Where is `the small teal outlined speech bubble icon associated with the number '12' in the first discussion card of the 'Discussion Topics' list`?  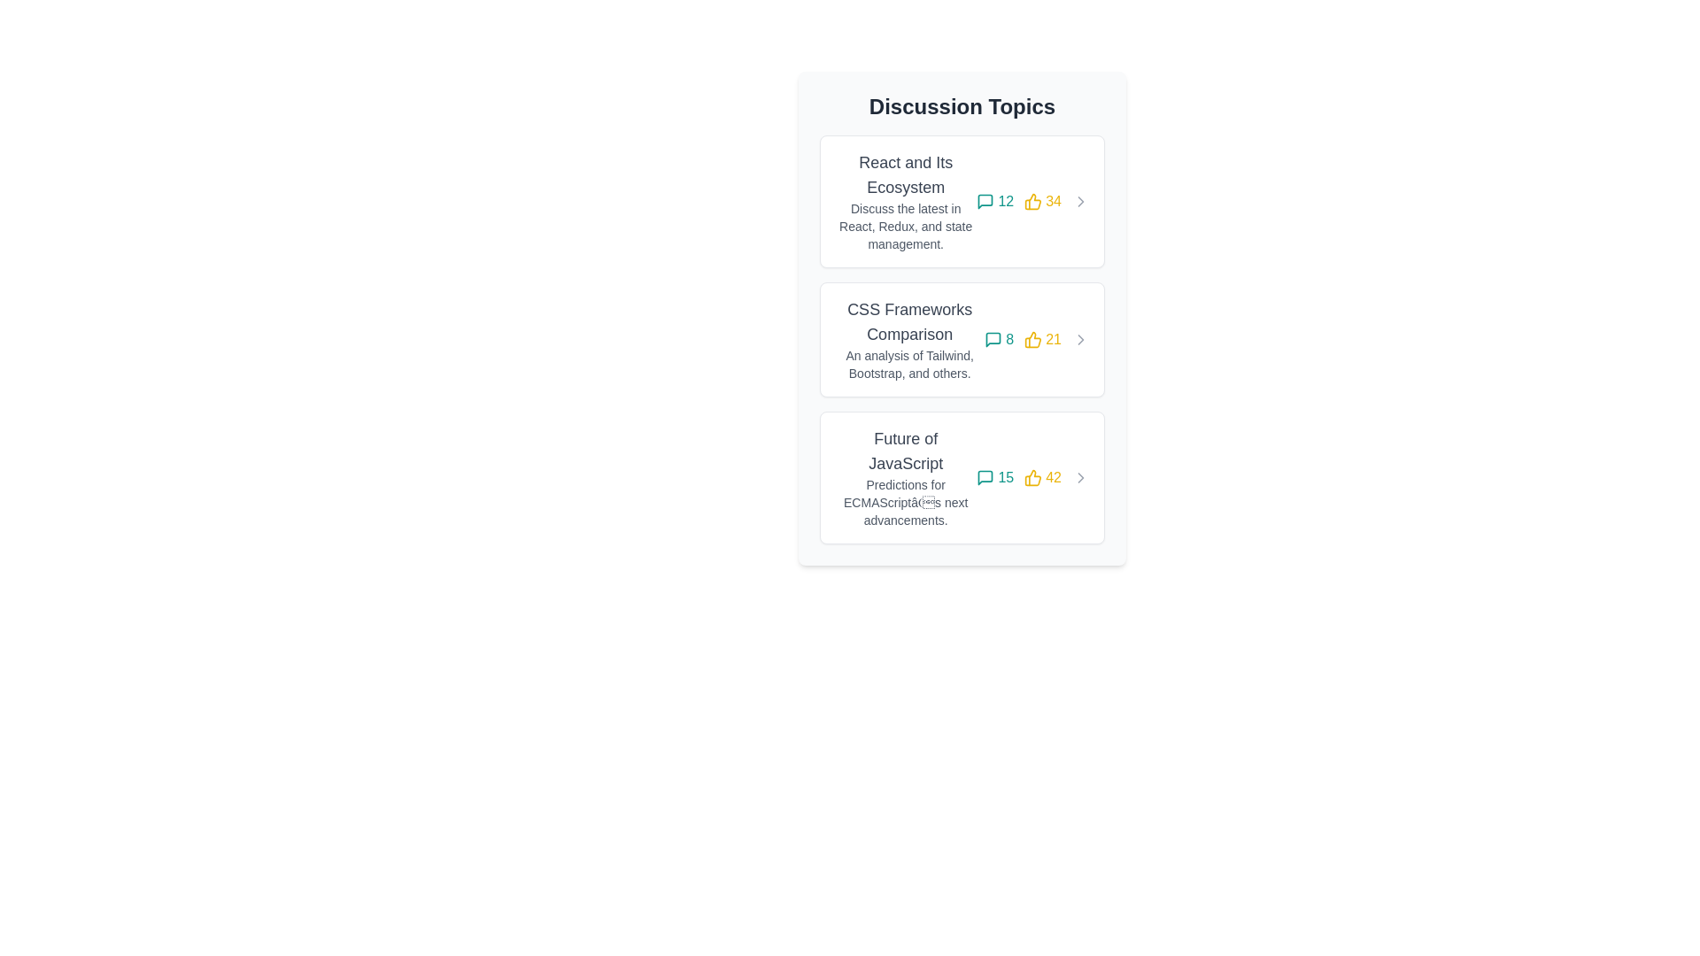
the small teal outlined speech bubble icon associated with the number '12' in the first discussion card of the 'Discussion Topics' list is located at coordinates (985, 200).